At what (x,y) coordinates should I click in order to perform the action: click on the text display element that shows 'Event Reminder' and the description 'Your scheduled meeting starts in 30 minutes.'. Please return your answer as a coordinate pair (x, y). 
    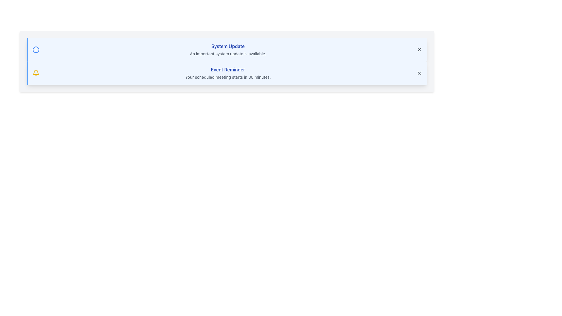
    Looking at the image, I should click on (227, 73).